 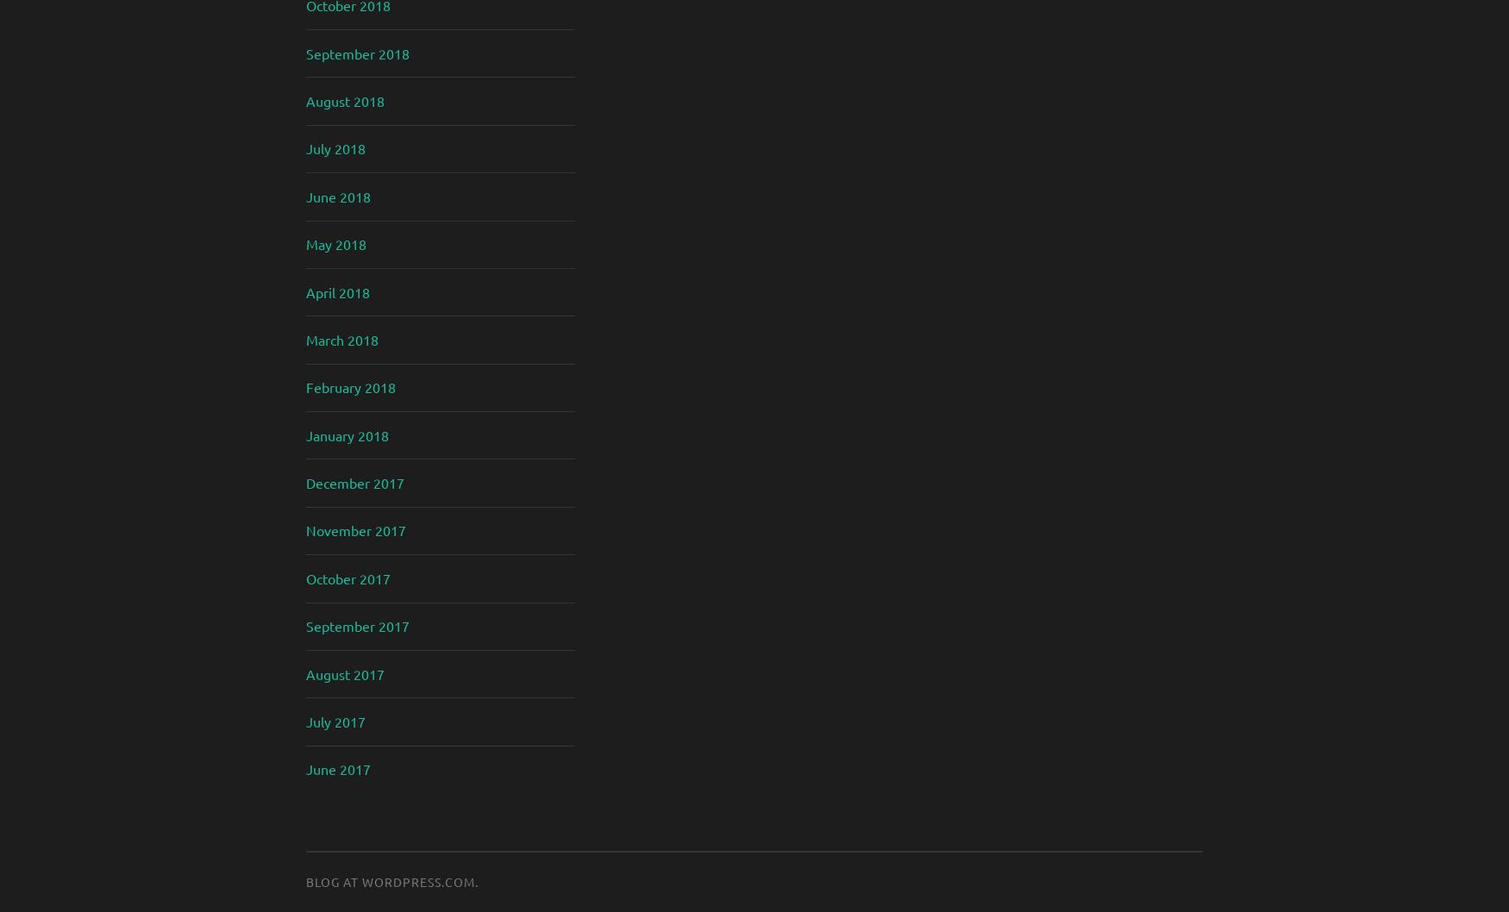 I want to click on 'September 2018', so click(x=356, y=53).